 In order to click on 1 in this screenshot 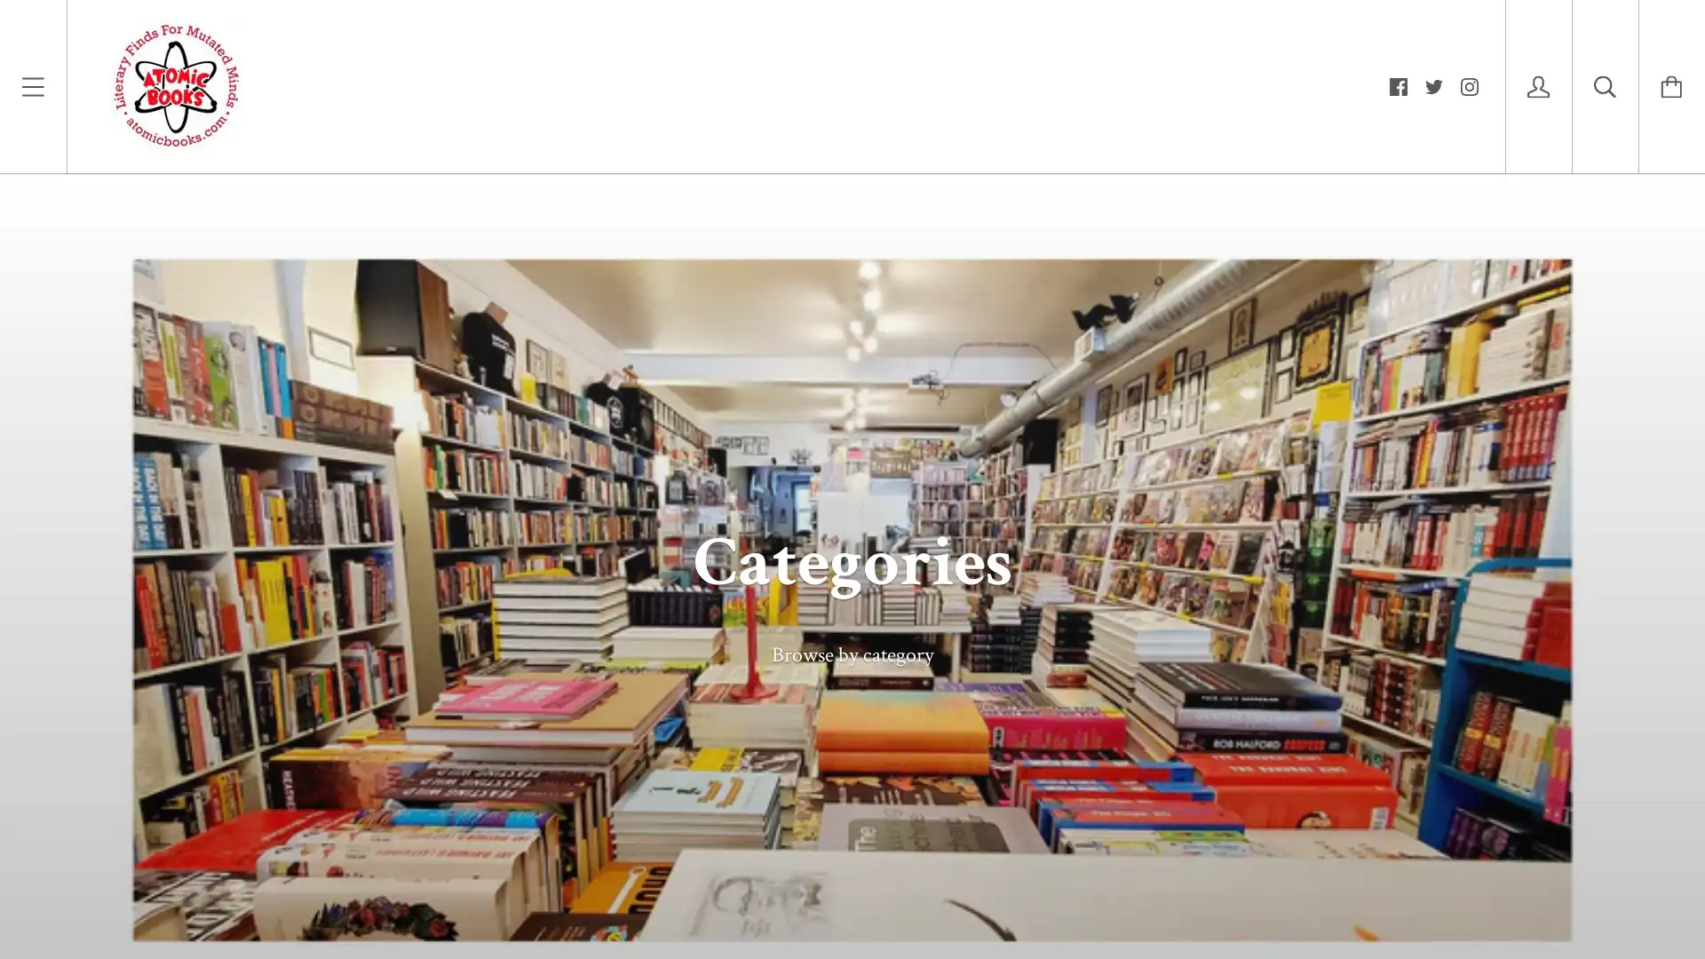, I will do `click(1466, 876)`.